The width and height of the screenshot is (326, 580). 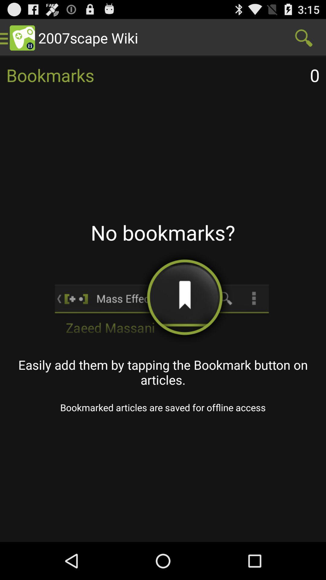 I want to click on the icon to the right of 2007scape wiki icon, so click(x=304, y=37).